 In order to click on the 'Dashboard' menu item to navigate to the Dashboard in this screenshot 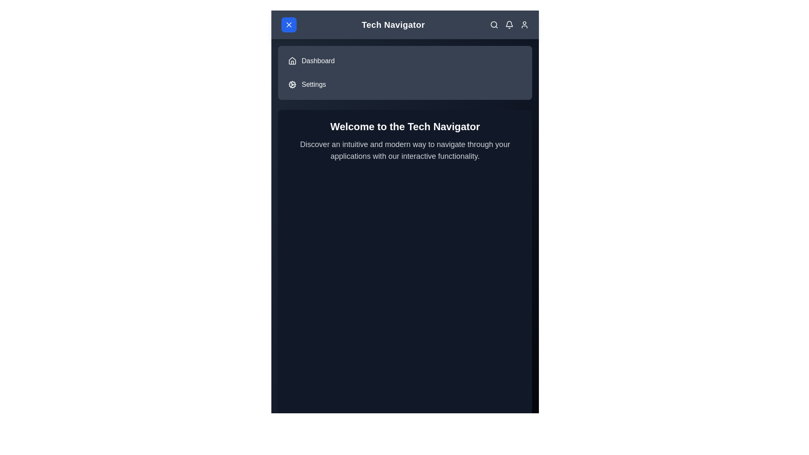, I will do `click(317, 61)`.